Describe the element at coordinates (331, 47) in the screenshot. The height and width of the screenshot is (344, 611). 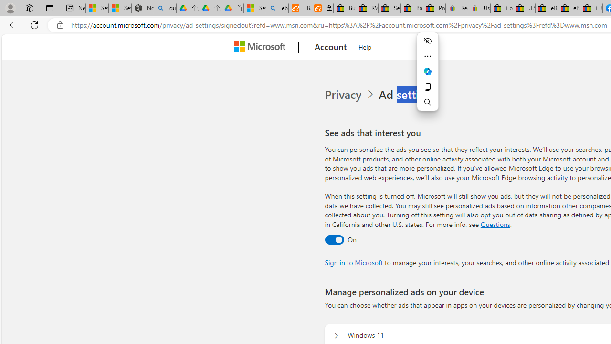
I see `'Account'` at that location.